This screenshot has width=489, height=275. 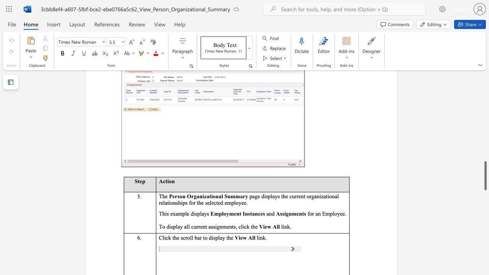 What do you see at coordinates (339, 214) in the screenshot?
I see `the subset text "ee. To display all current assignme" within the text "for an Employee. To display all current assignments, click the"` at bounding box center [339, 214].